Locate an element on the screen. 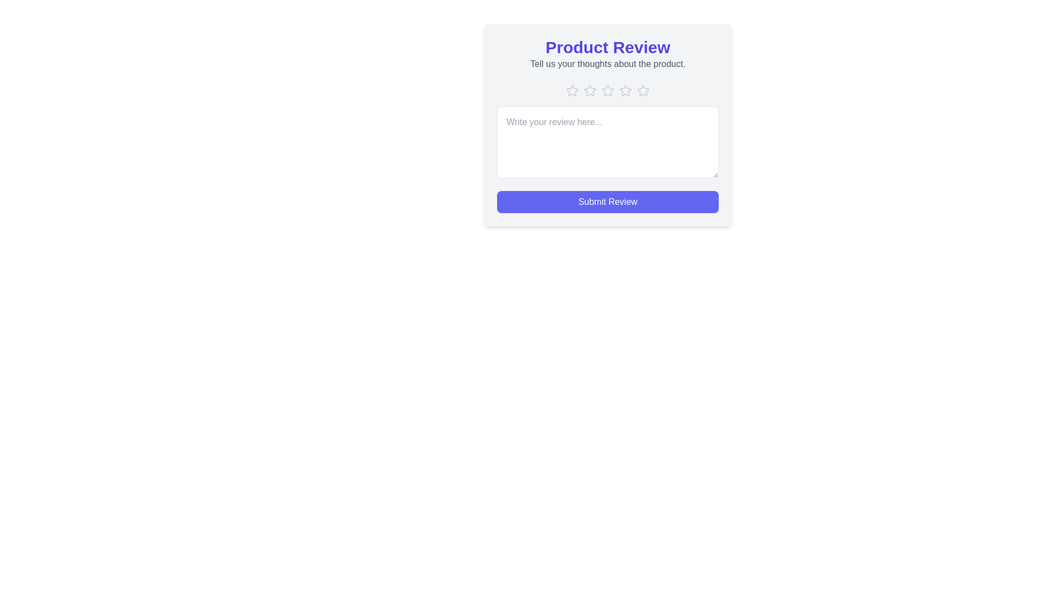  the third star icon in the rating section is located at coordinates (607, 90).